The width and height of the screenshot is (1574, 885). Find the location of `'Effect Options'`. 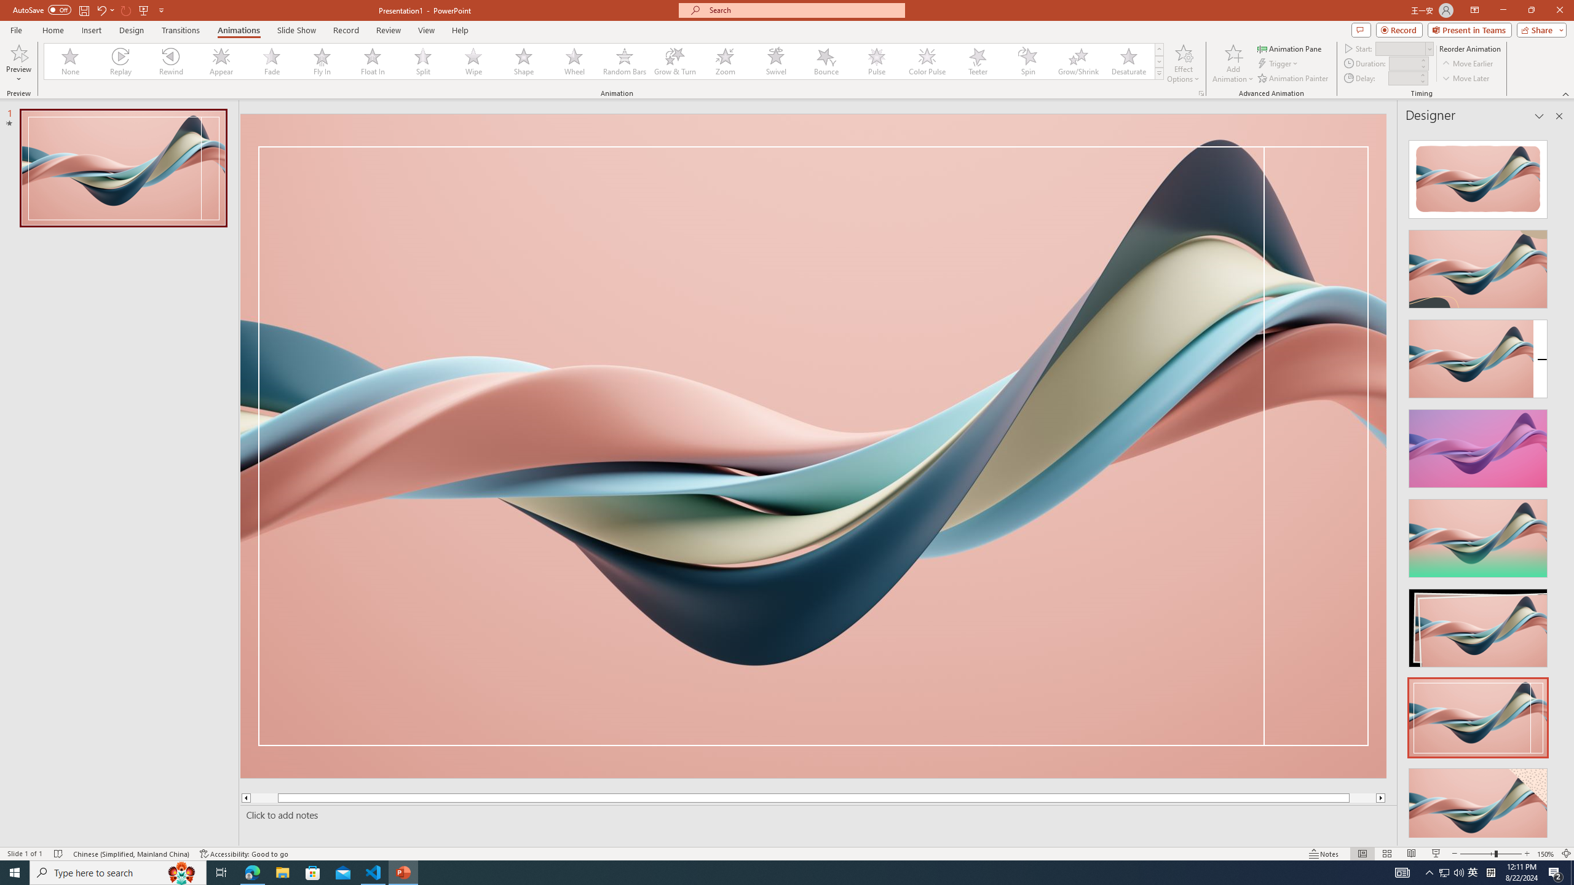

'Effect Options' is located at coordinates (1183, 63).